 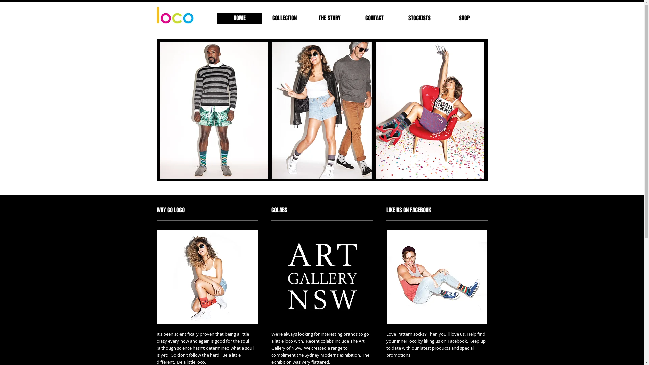 I want to click on 'THE STORY', so click(x=329, y=18).